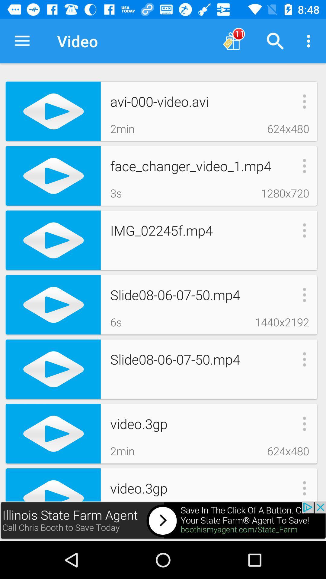 The image size is (326, 579). What do you see at coordinates (163, 521) in the screenshot?
I see `open advertisement` at bounding box center [163, 521].